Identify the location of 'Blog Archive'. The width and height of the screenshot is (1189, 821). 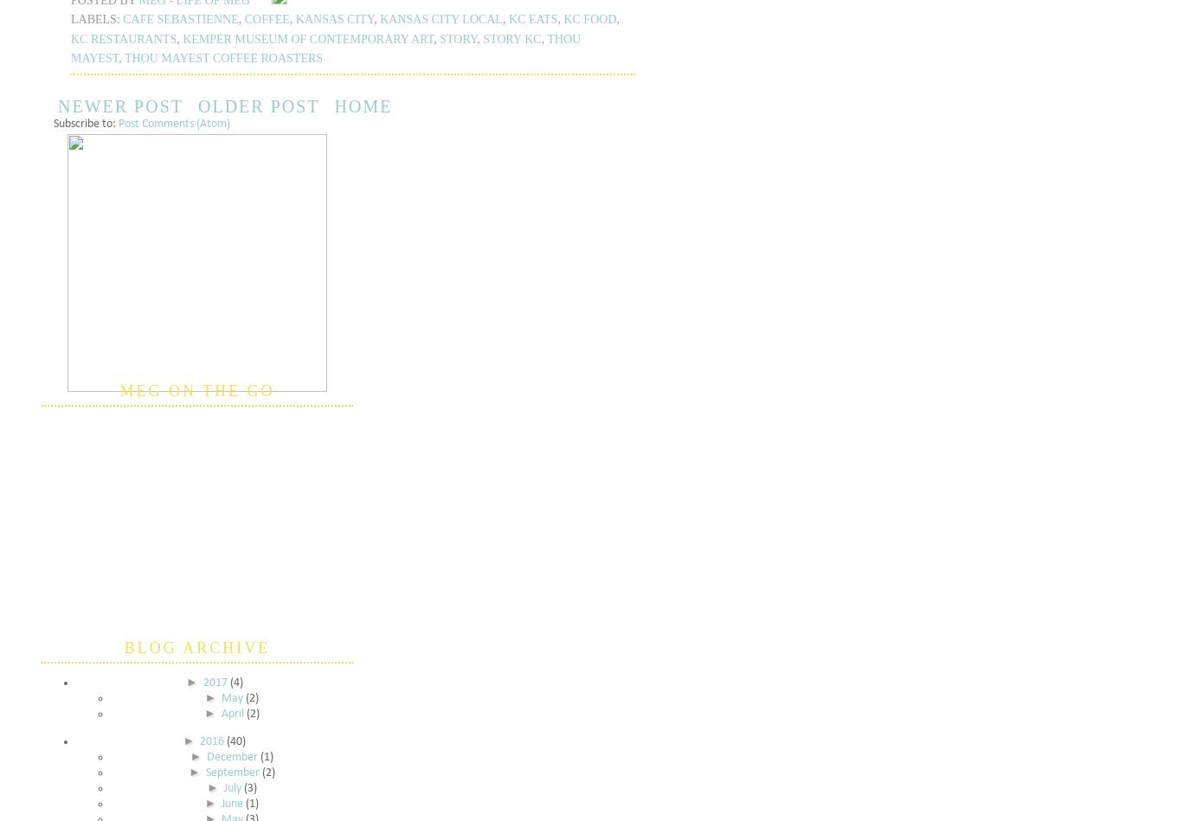
(196, 648).